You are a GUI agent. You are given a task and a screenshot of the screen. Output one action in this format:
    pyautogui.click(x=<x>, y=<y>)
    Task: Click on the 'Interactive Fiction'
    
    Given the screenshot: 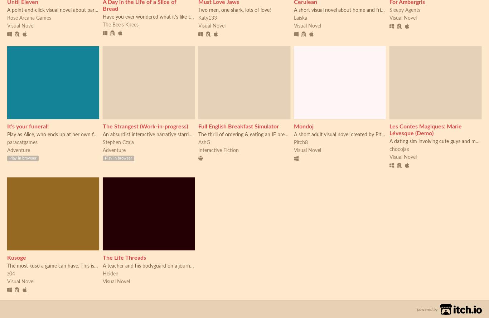 What is the action you would take?
    pyautogui.click(x=198, y=150)
    